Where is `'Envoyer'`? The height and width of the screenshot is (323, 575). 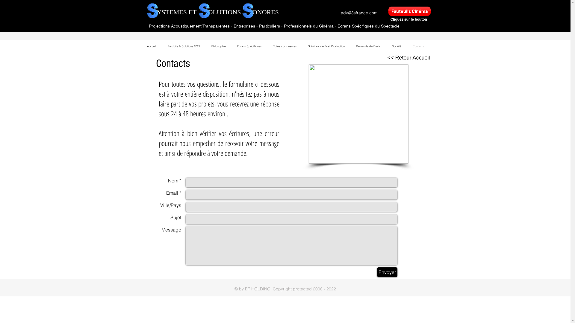
'Envoyer' is located at coordinates (376, 272).